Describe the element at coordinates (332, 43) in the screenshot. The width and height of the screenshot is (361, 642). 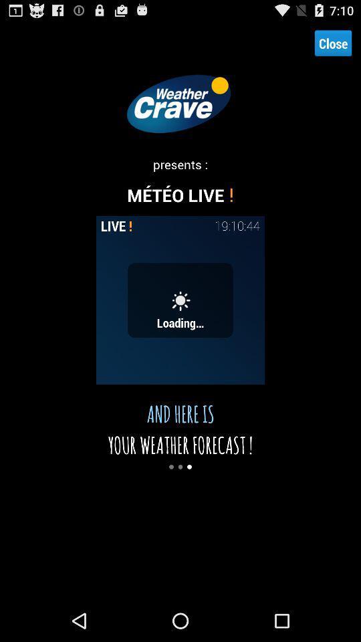
I see `the close item` at that location.